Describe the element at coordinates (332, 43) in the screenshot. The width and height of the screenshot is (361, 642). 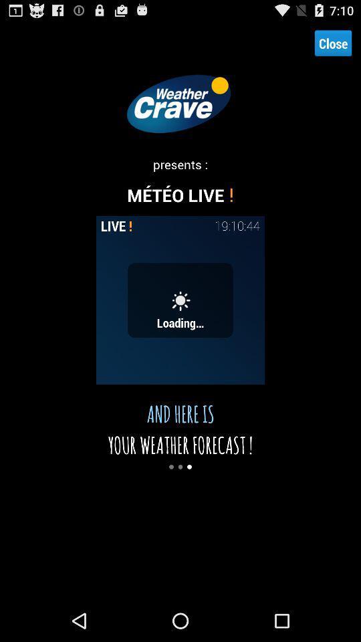
I see `the close item` at that location.